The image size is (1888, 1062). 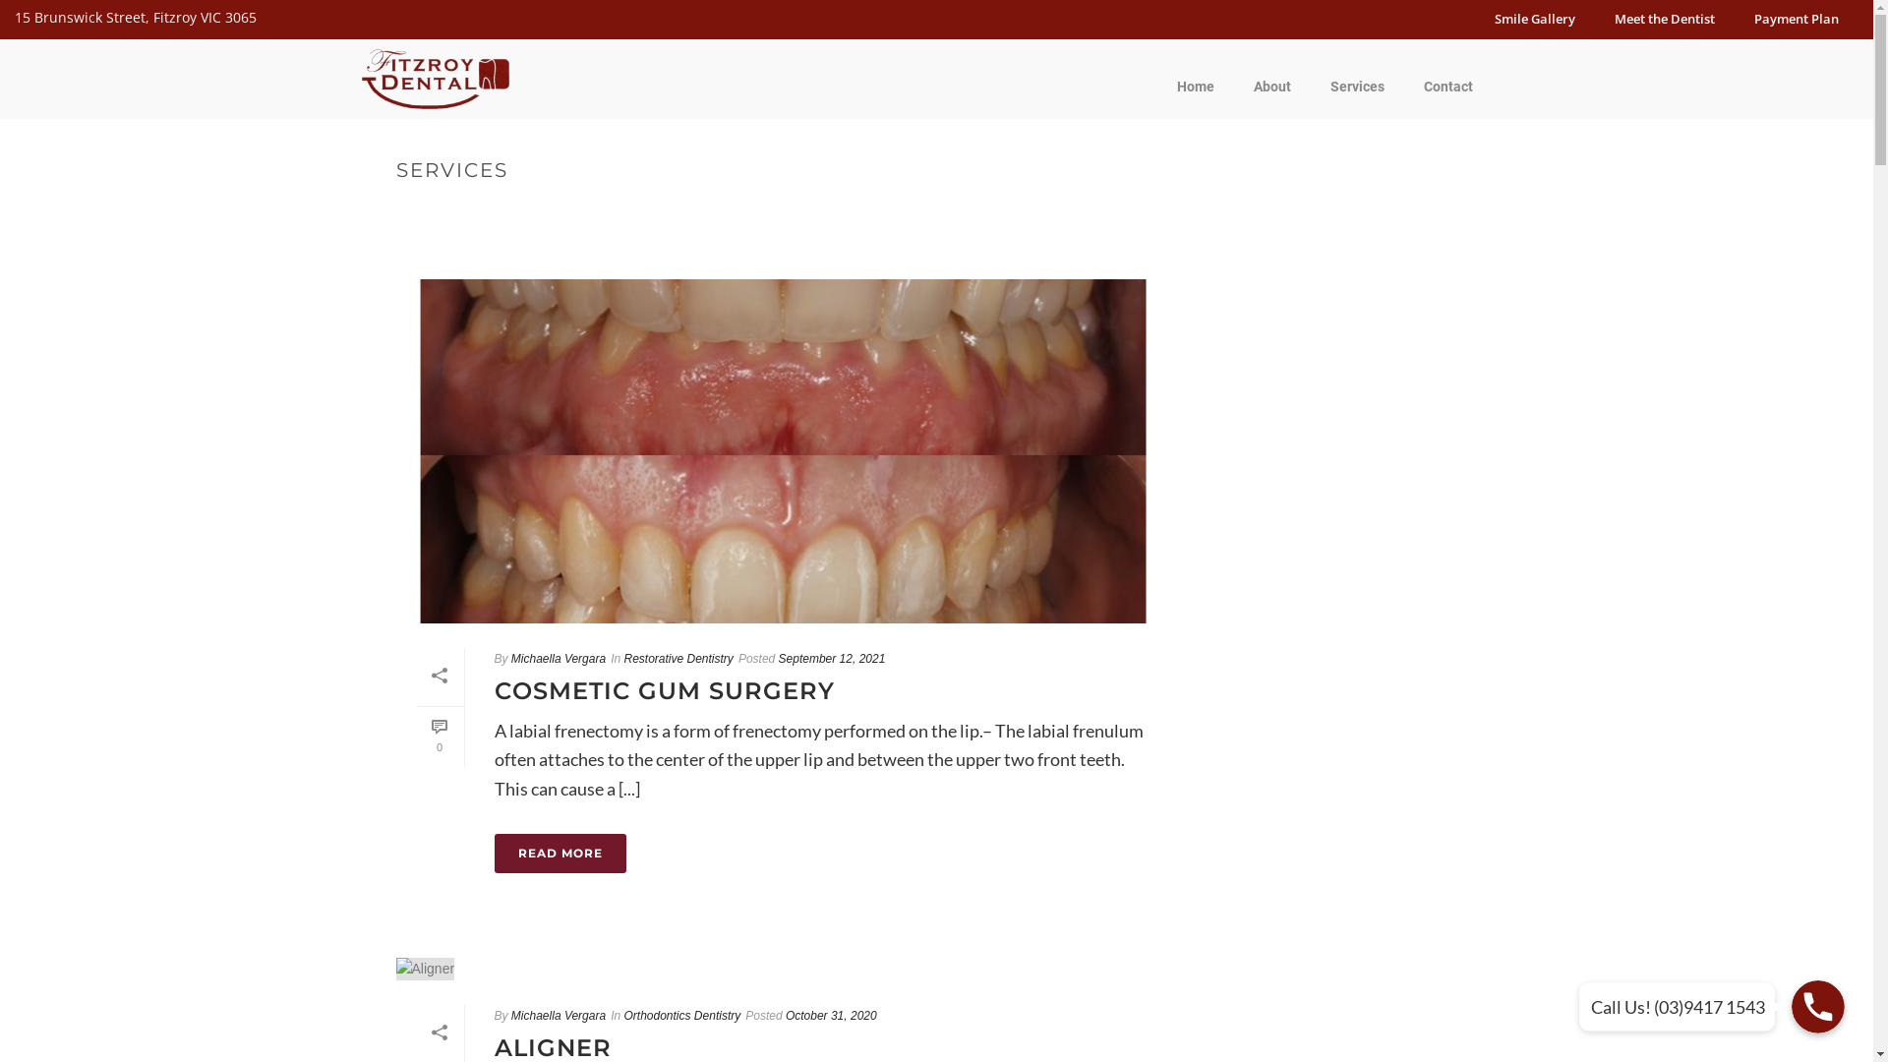 What do you see at coordinates (424, 968) in the screenshot?
I see `'Aligner'` at bounding box center [424, 968].